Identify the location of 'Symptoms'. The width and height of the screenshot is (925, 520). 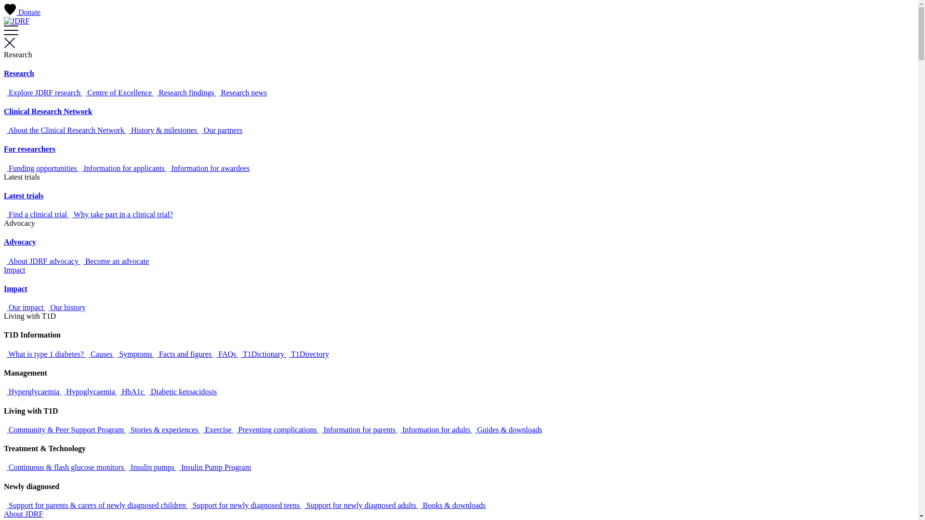
(133, 354).